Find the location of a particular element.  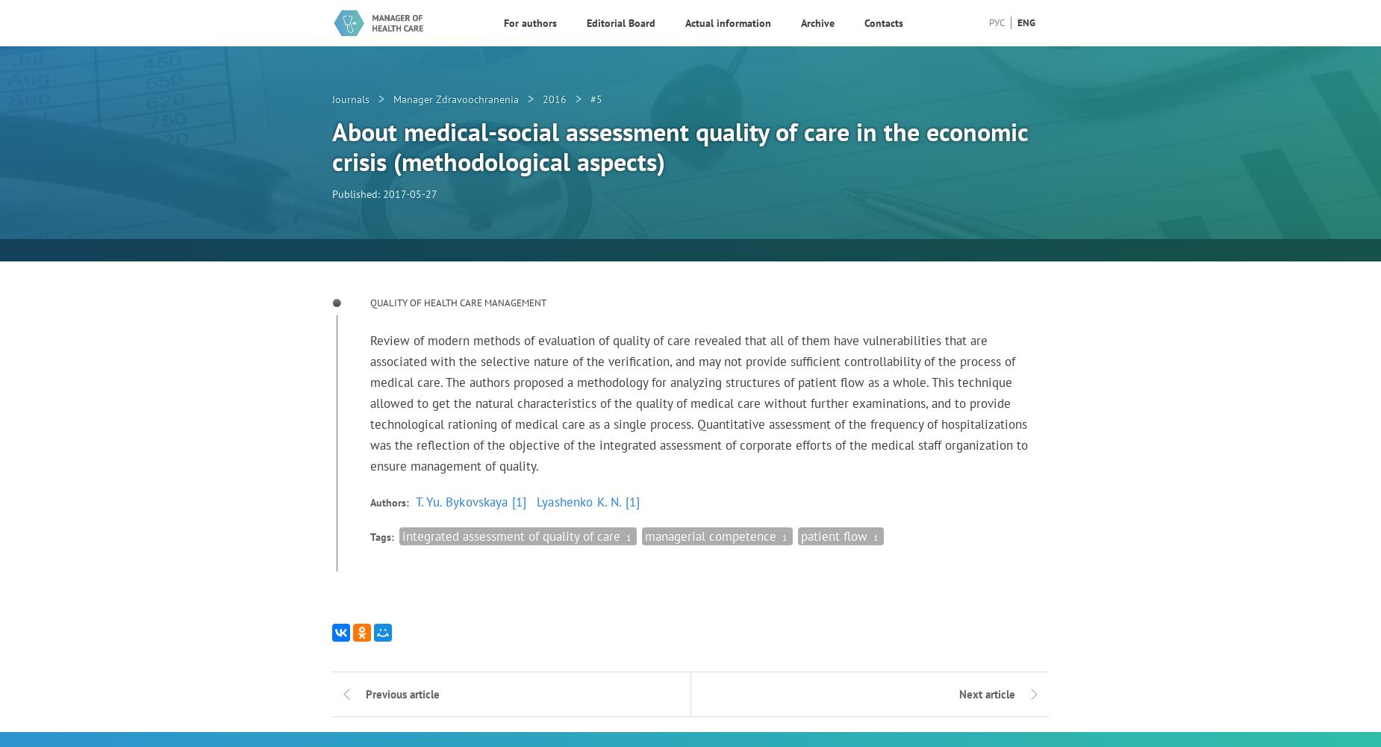

'#5' is located at coordinates (590, 99).